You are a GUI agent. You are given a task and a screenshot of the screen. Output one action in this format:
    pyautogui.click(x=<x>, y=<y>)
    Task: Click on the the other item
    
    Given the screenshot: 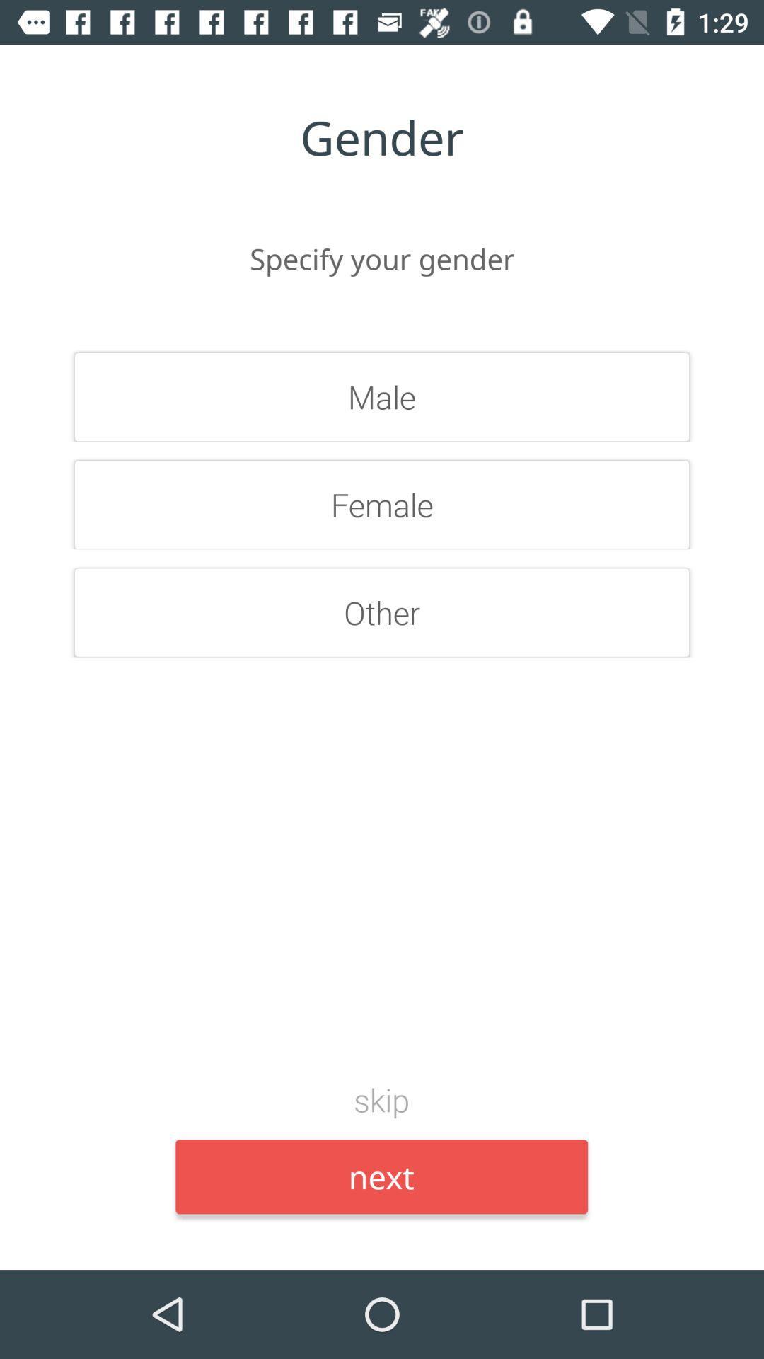 What is the action you would take?
    pyautogui.click(x=382, y=612)
    